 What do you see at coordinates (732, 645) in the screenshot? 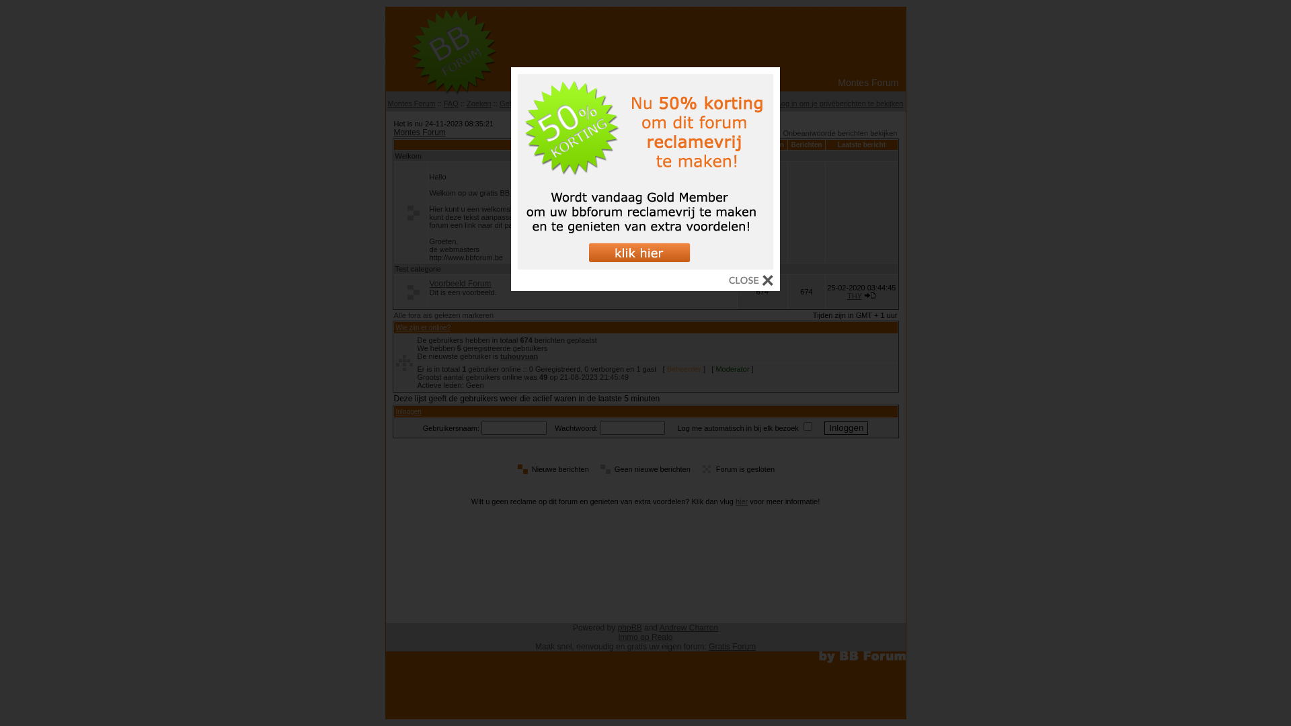
I see `'Gratis Forum'` at bounding box center [732, 645].